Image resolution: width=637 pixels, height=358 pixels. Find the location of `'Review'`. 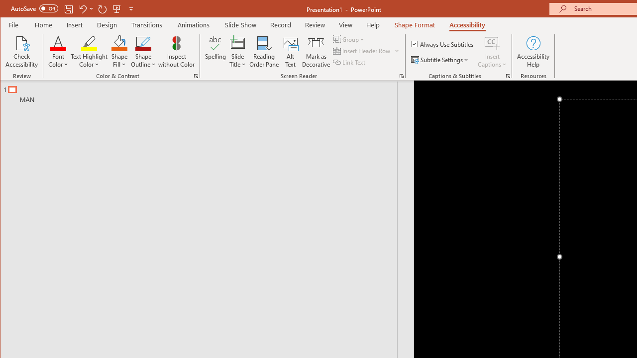

'Review' is located at coordinates (314, 24).